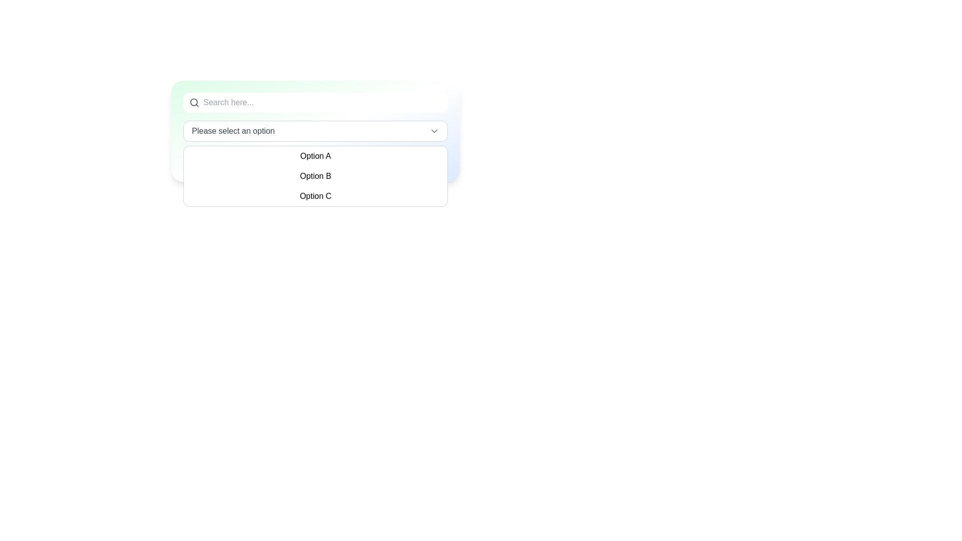 Image resolution: width=962 pixels, height=541 pixels. I want to click on the arrow of the dropdown menu located below the search bar, so click(315, 131).